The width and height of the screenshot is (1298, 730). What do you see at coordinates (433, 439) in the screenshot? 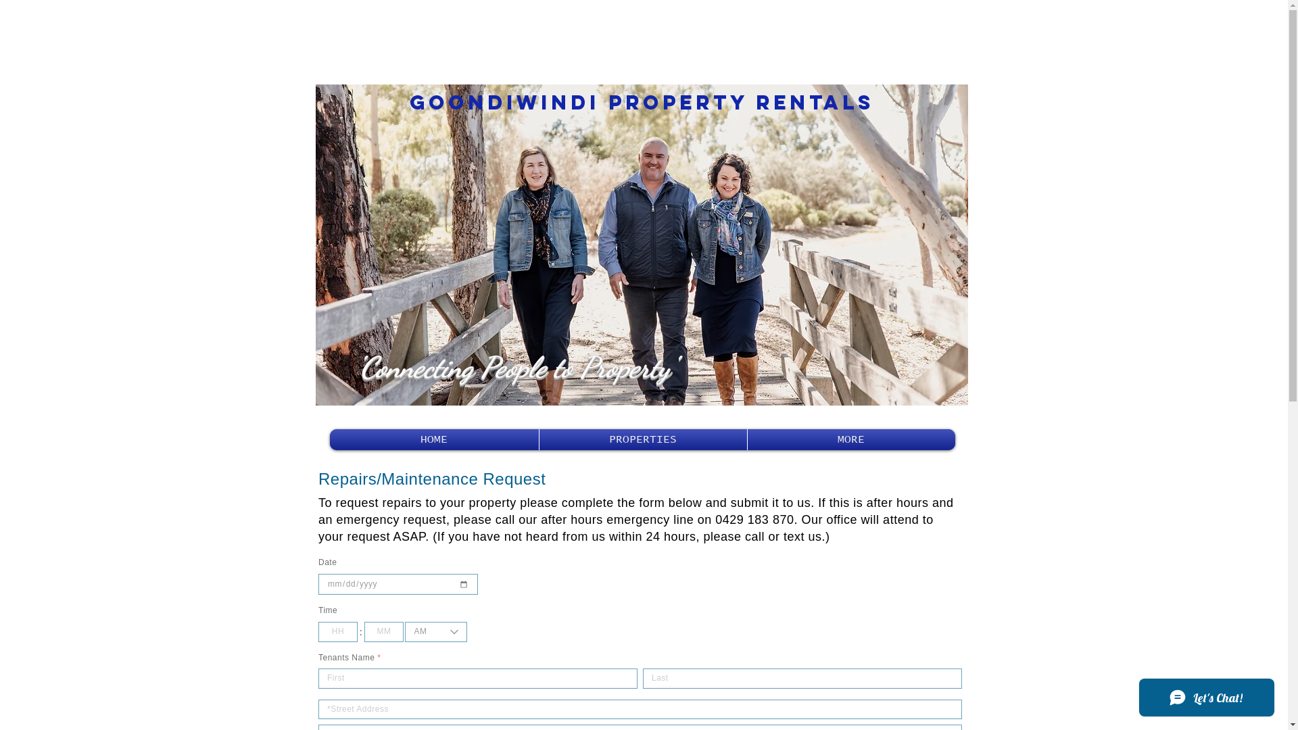
I see `'HOME'` at bounding box center [433, 439].